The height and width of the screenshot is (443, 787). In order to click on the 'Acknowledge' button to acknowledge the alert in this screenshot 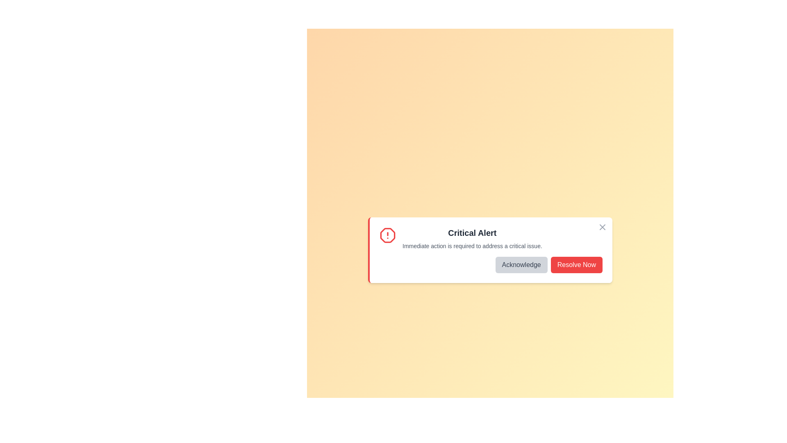, I will do `click(521, 265)`.